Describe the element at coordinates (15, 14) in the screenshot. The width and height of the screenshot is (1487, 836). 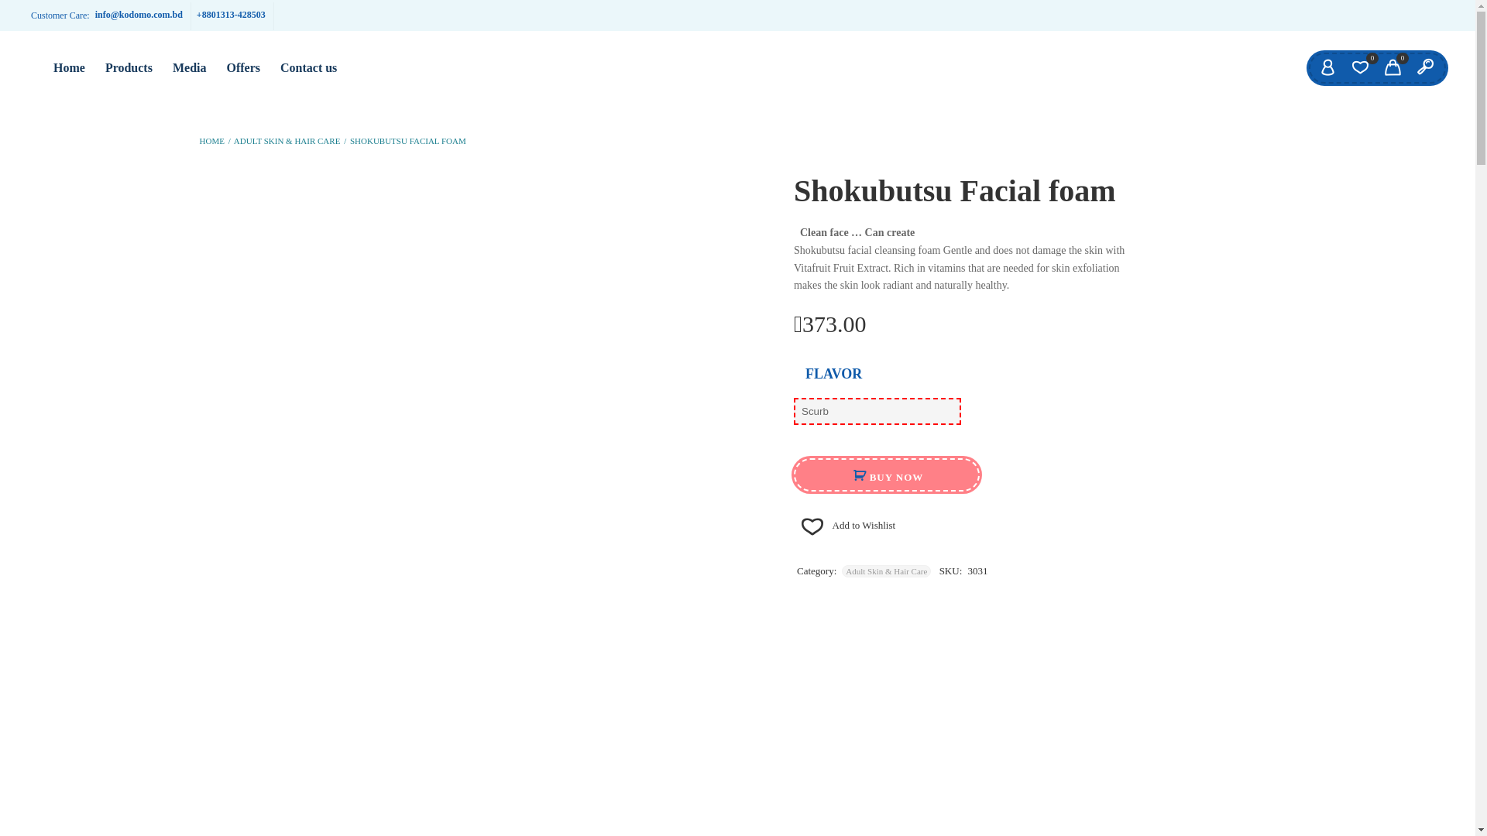
I see `'Search Products'` at that location.